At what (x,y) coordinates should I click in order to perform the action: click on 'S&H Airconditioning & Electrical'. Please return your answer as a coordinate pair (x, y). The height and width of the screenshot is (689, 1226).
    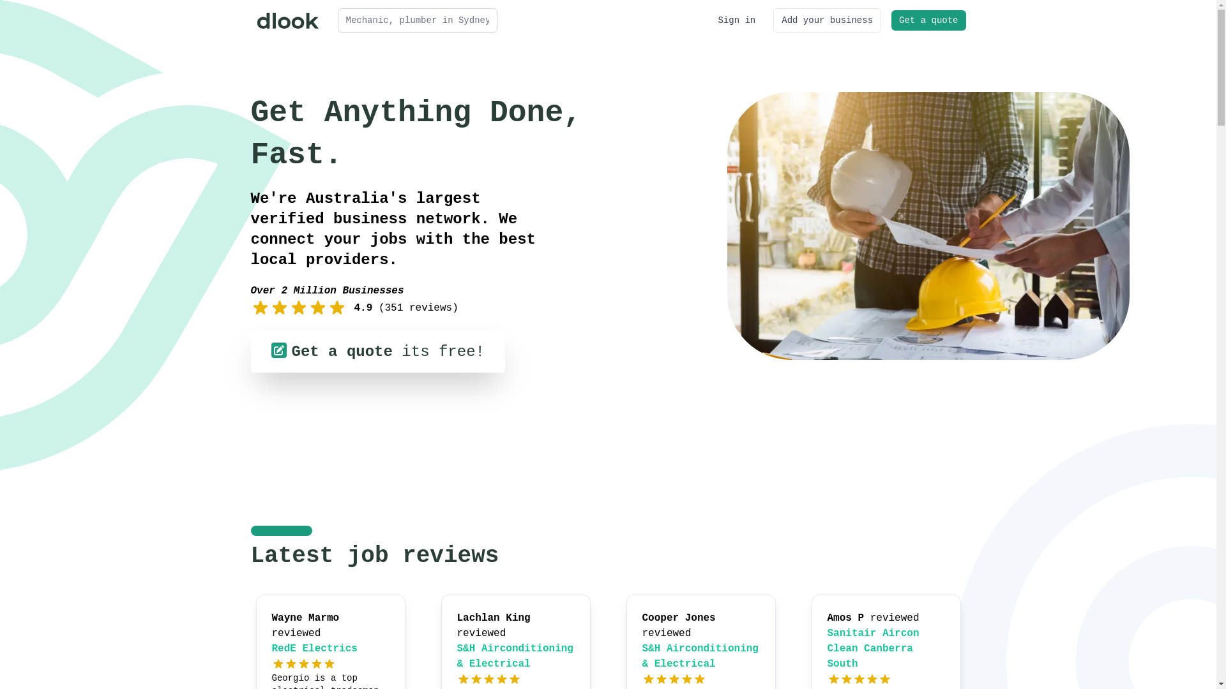
    Looking at the image, I should click on (642, 656).